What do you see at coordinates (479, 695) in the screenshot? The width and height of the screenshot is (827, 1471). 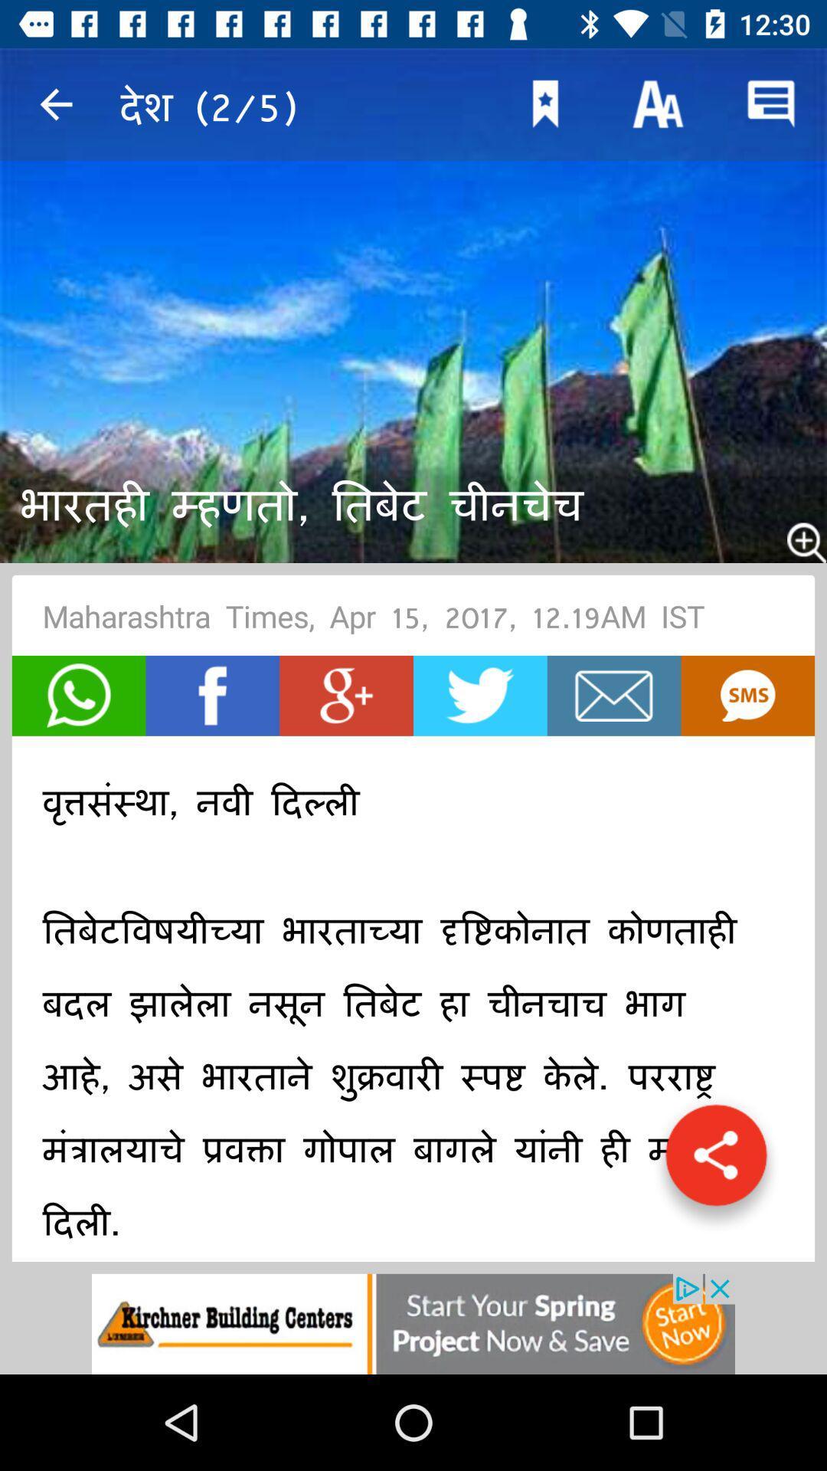 I see `open twitter page` at bounding box center [479, 695].